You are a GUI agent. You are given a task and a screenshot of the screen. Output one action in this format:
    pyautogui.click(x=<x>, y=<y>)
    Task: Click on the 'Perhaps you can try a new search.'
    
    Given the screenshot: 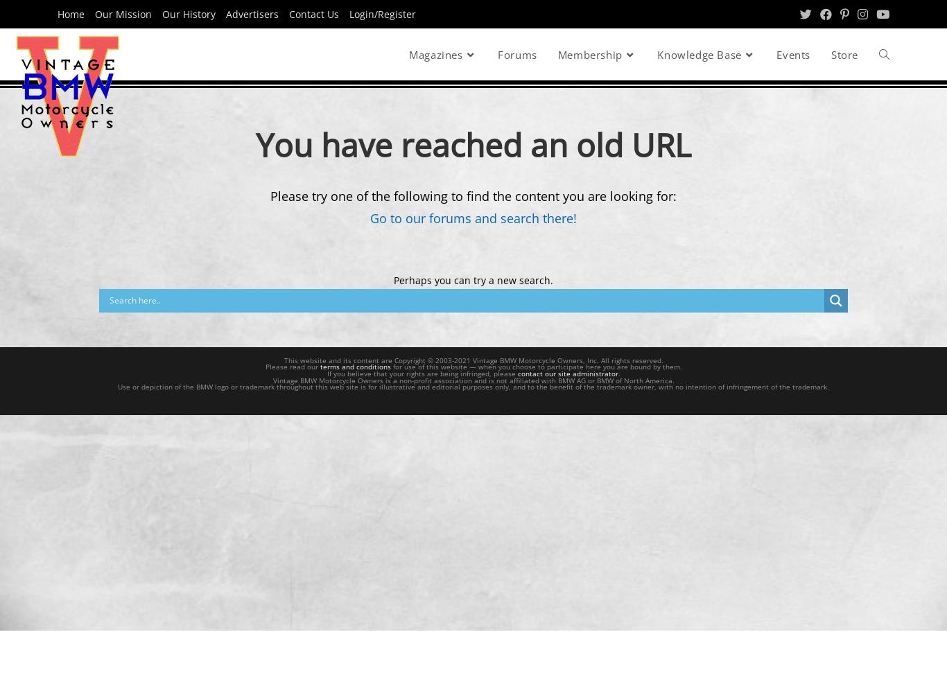 What is the action you would take?
    pyautogui.click(x=473, y=279)
    